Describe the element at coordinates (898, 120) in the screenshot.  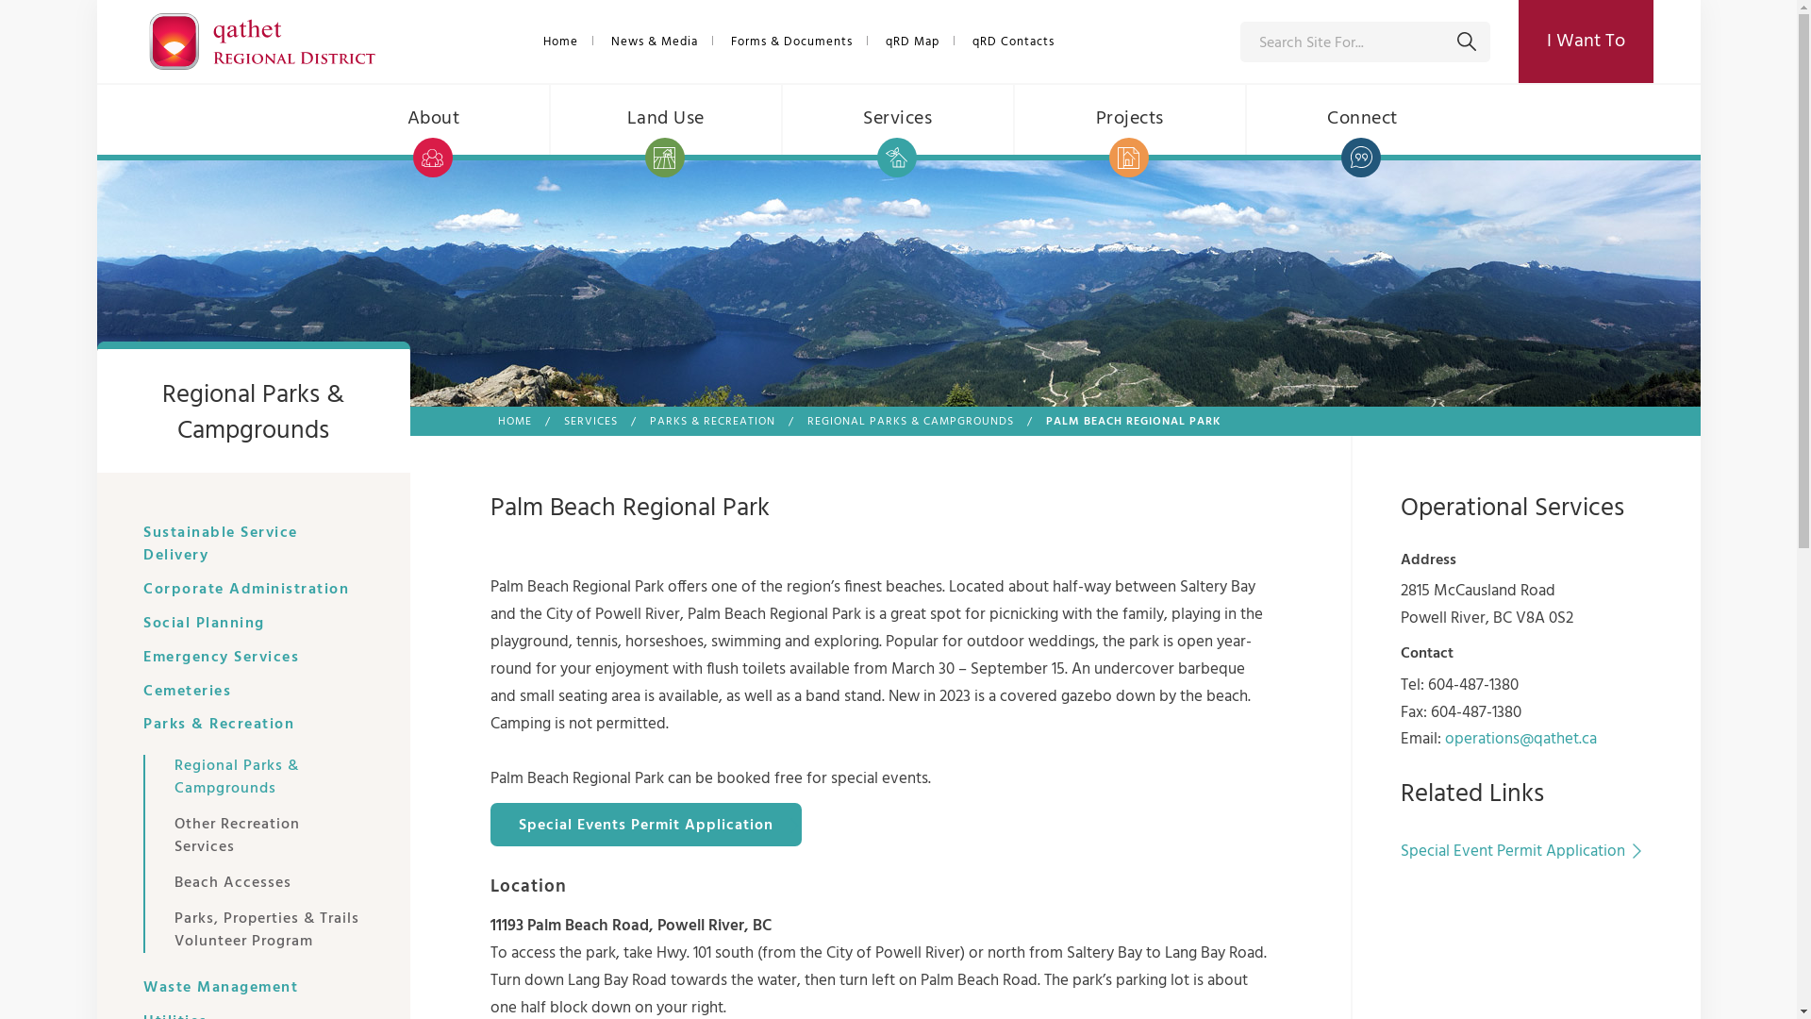
I see `'Services'` at that location.